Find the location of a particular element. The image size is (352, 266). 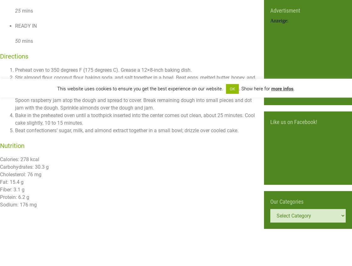

'3.1' is located at coordinates (17, 190).